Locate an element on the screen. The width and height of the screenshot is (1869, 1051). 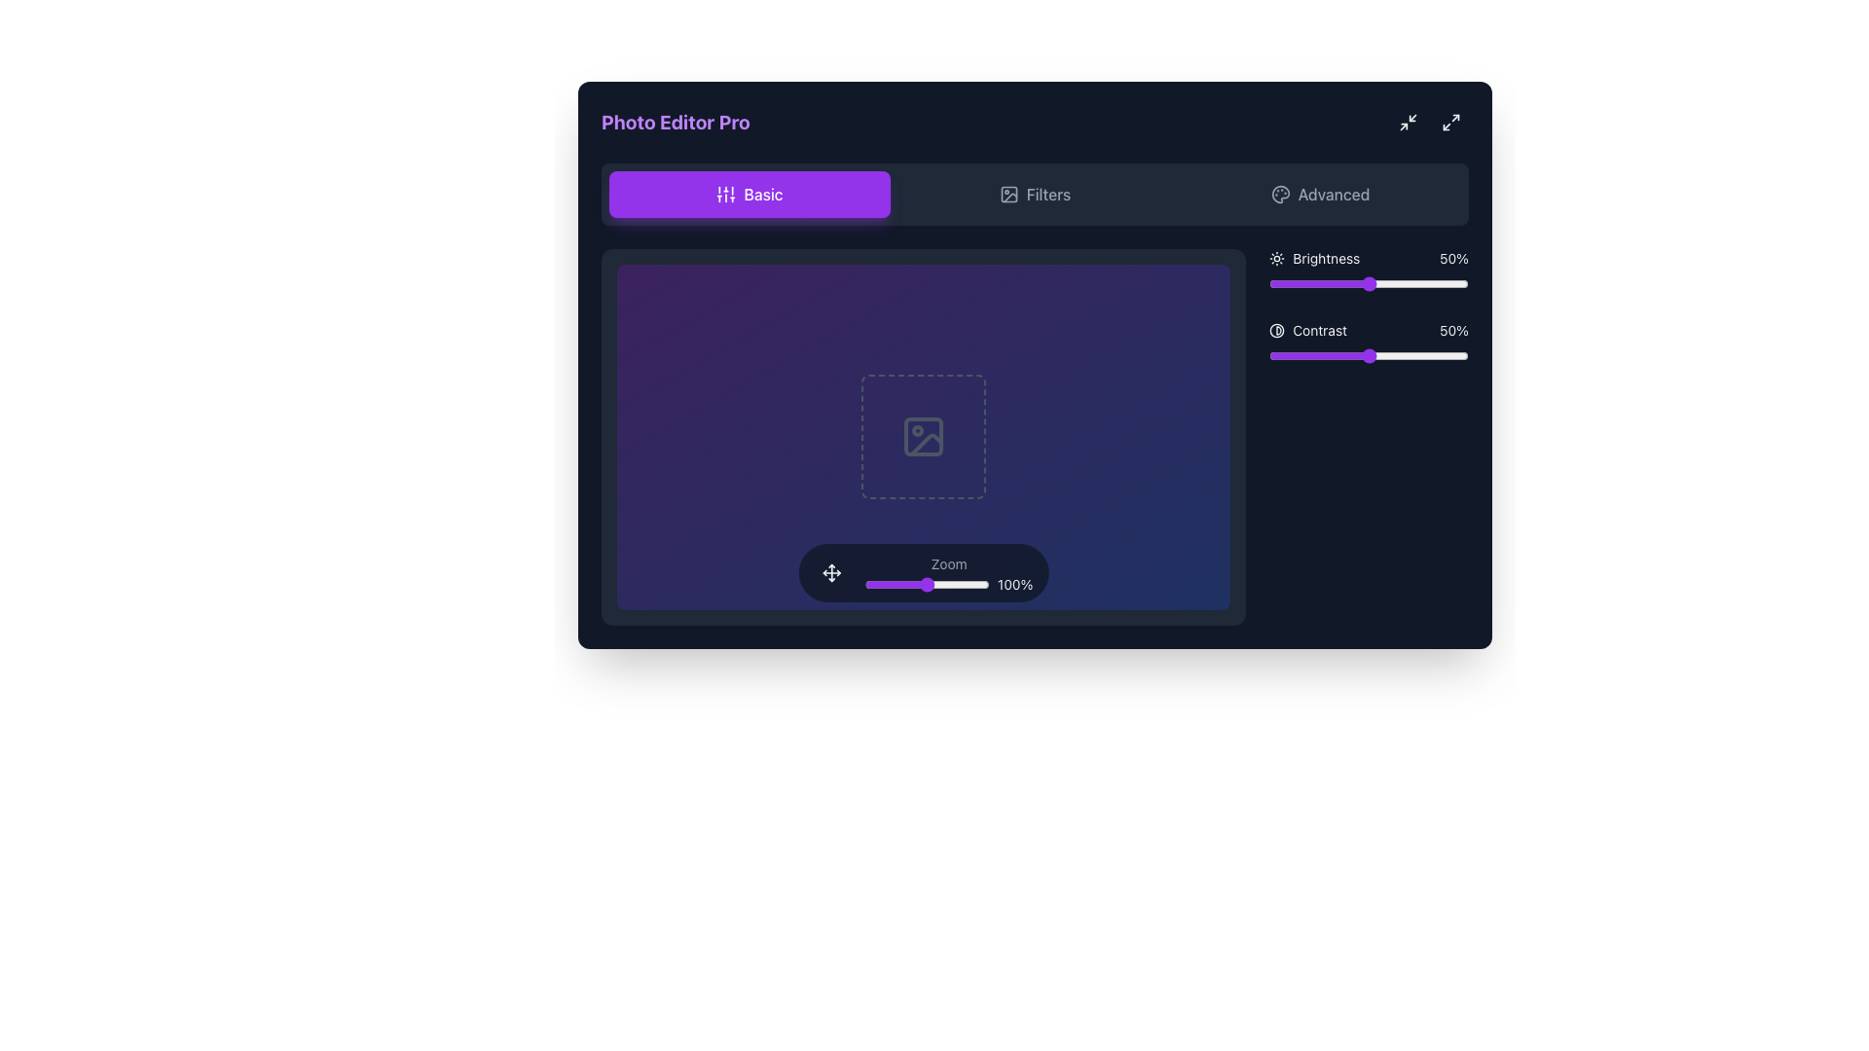
the zoom level is located at coordinates (937, 583).